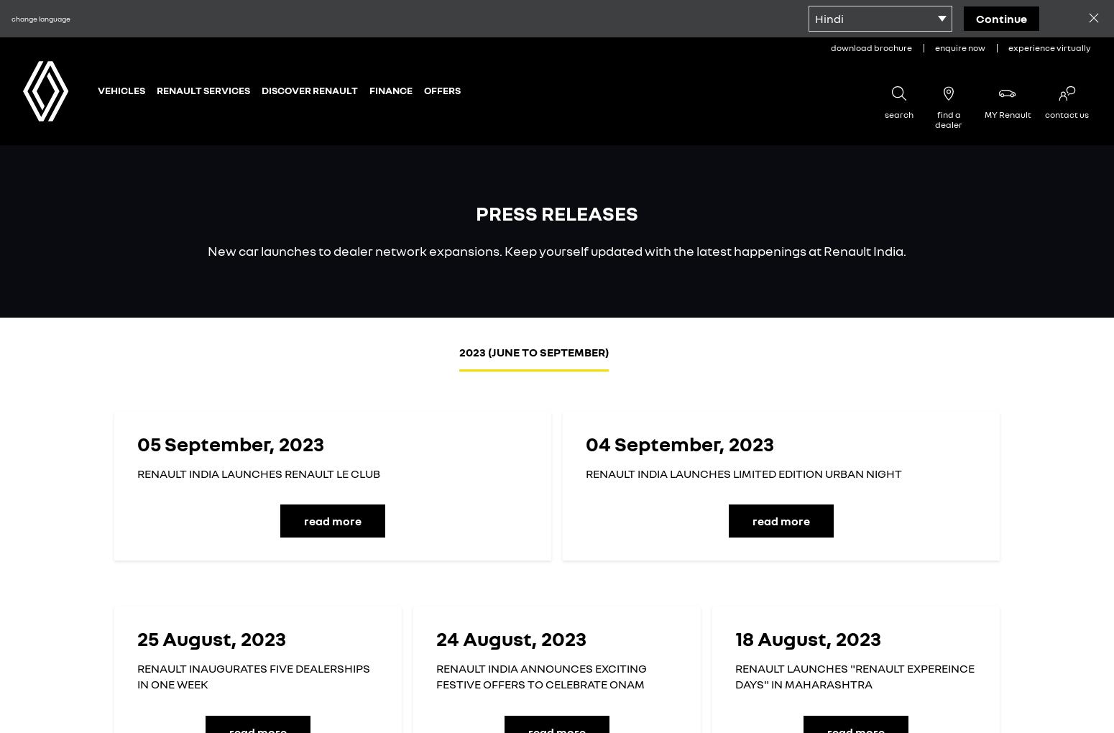  What do you see at coordinates (252, 675) in the screenshot?
I see `'RENAULT INAUGURATES FIVE DEALERSHIPS IN ONE WEEK'` at bounding box center [252, 675].